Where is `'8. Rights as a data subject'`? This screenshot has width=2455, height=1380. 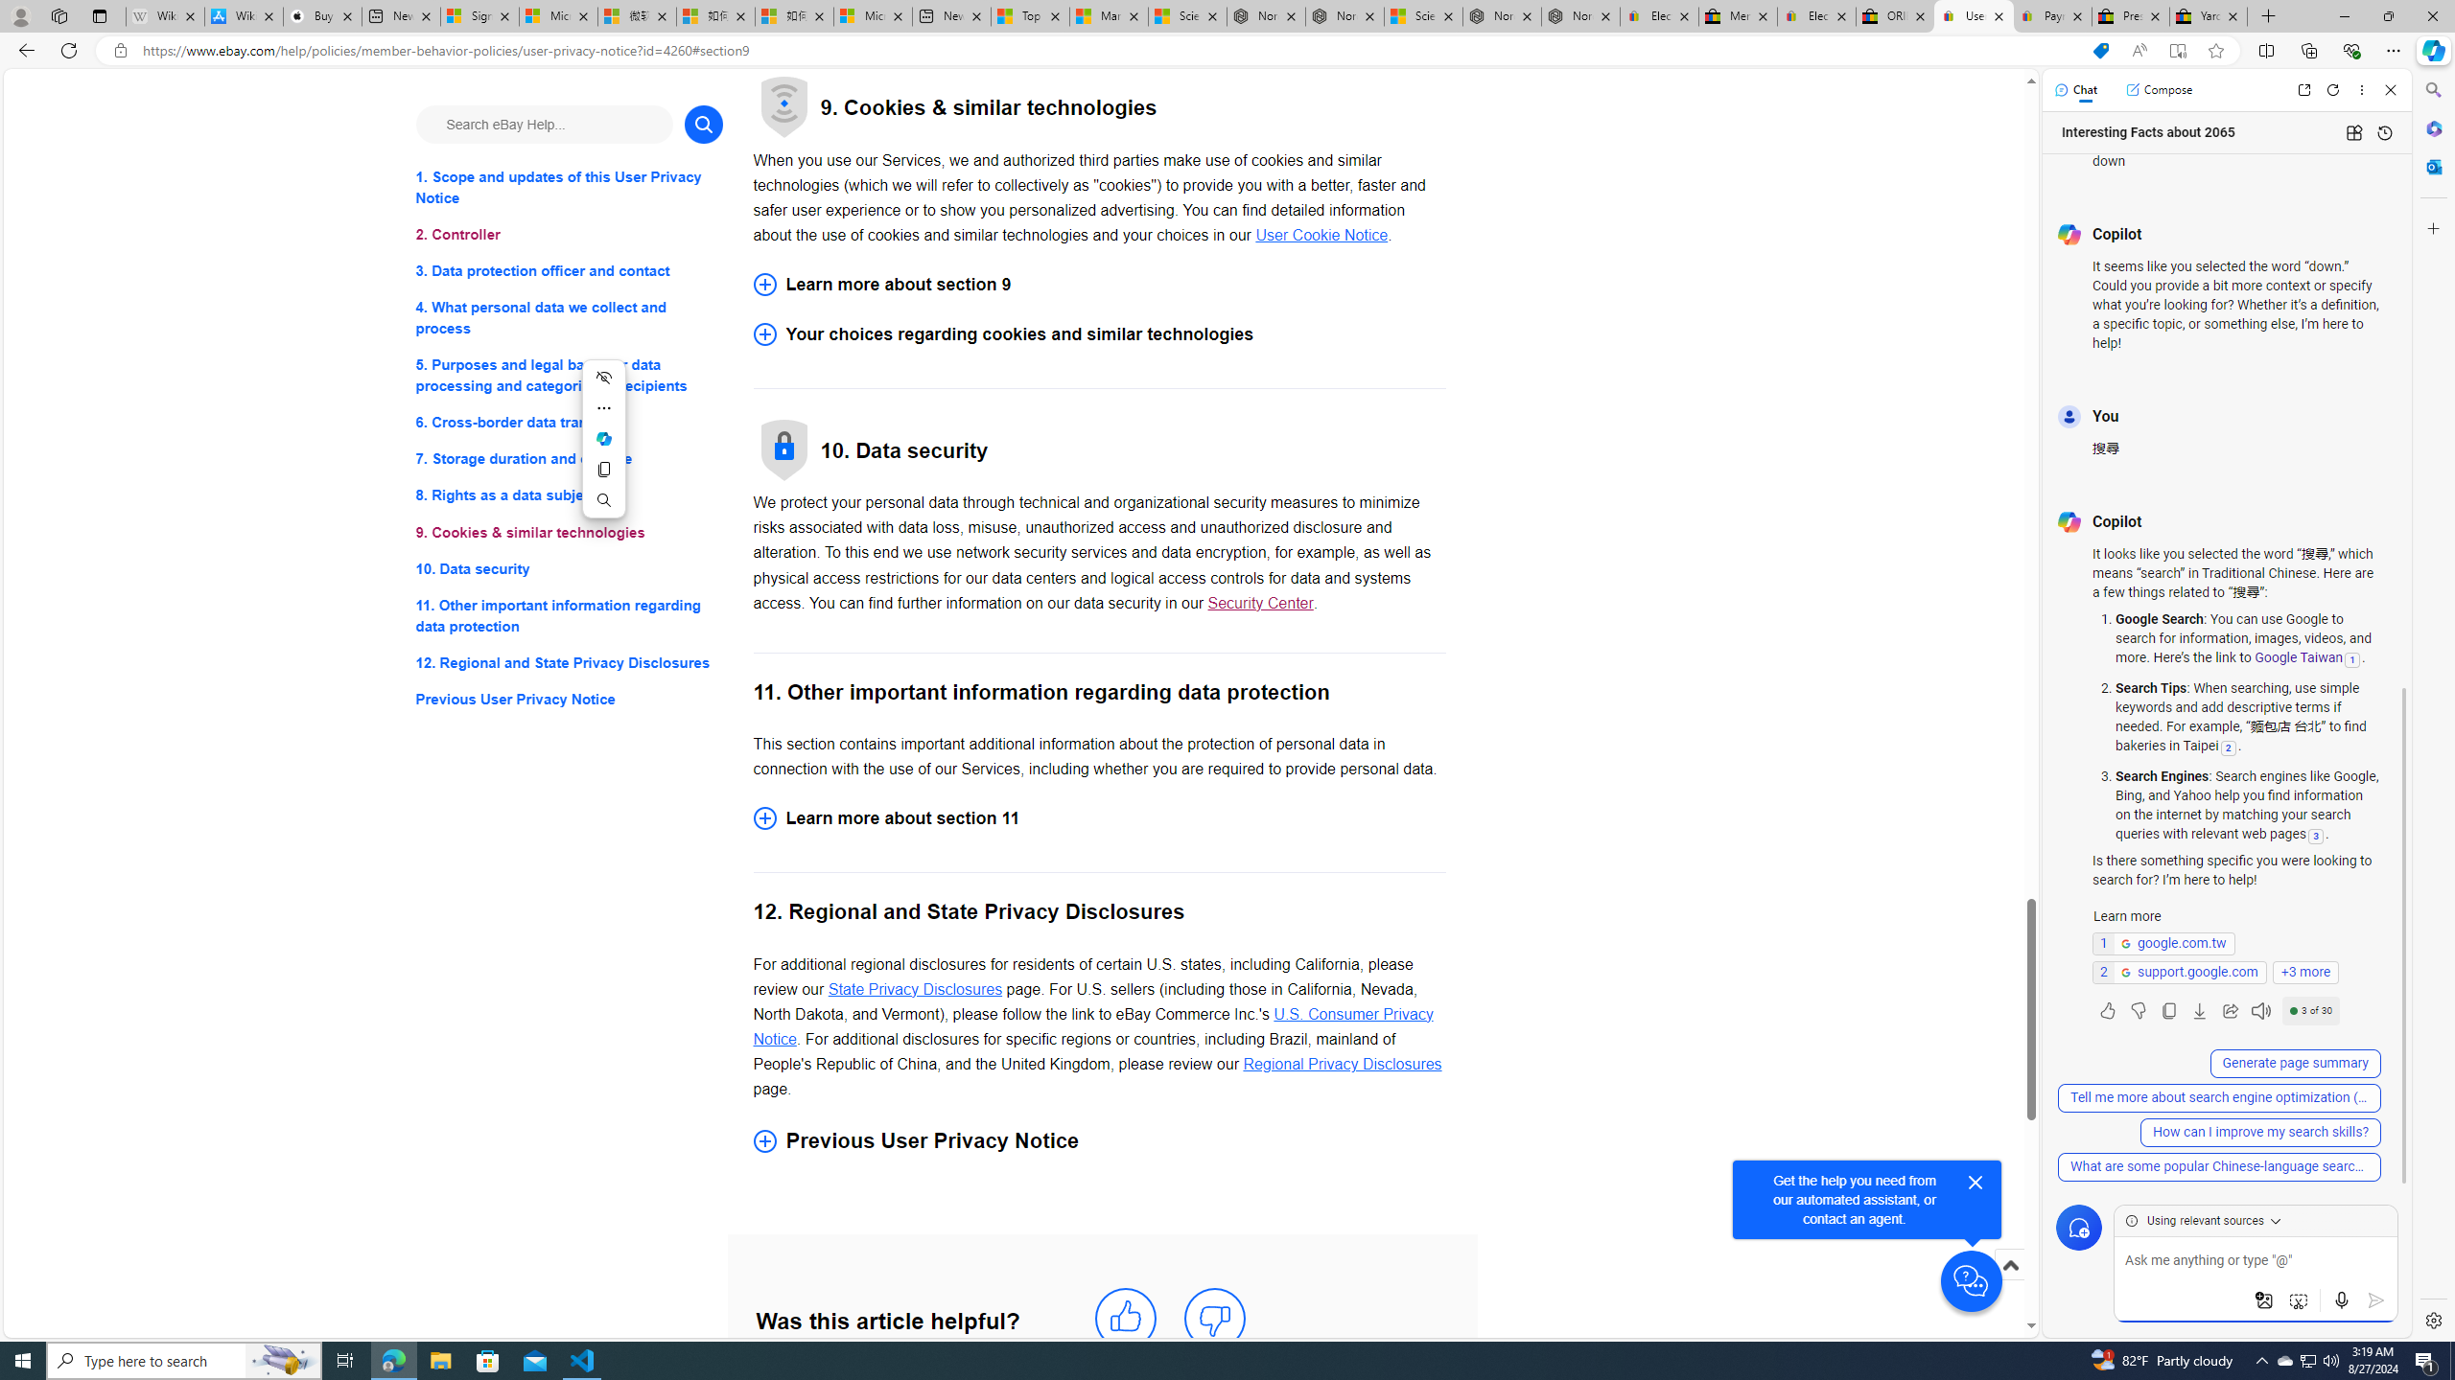 '8. Rights as a data subject' is located at coordinates (568, 494).